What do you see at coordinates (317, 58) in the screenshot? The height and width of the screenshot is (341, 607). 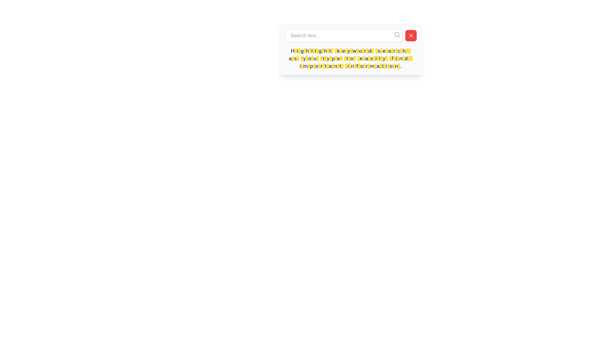 I see `the small, rectangular, yellow-highlighted area embedded within the text block that is part of the tooltip, specifically located between the words 'type' and 'to'` at bounding box center [317, 58].